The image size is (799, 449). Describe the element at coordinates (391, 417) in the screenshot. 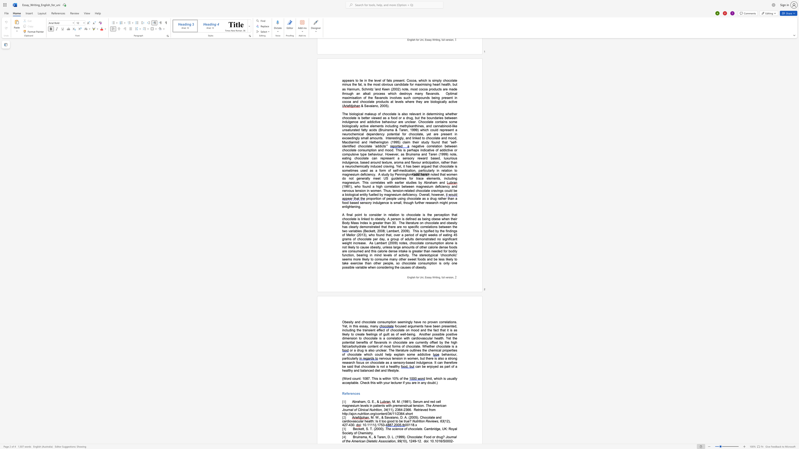

I see `the space between the continuous character "a" and "i" in the text` at that location.